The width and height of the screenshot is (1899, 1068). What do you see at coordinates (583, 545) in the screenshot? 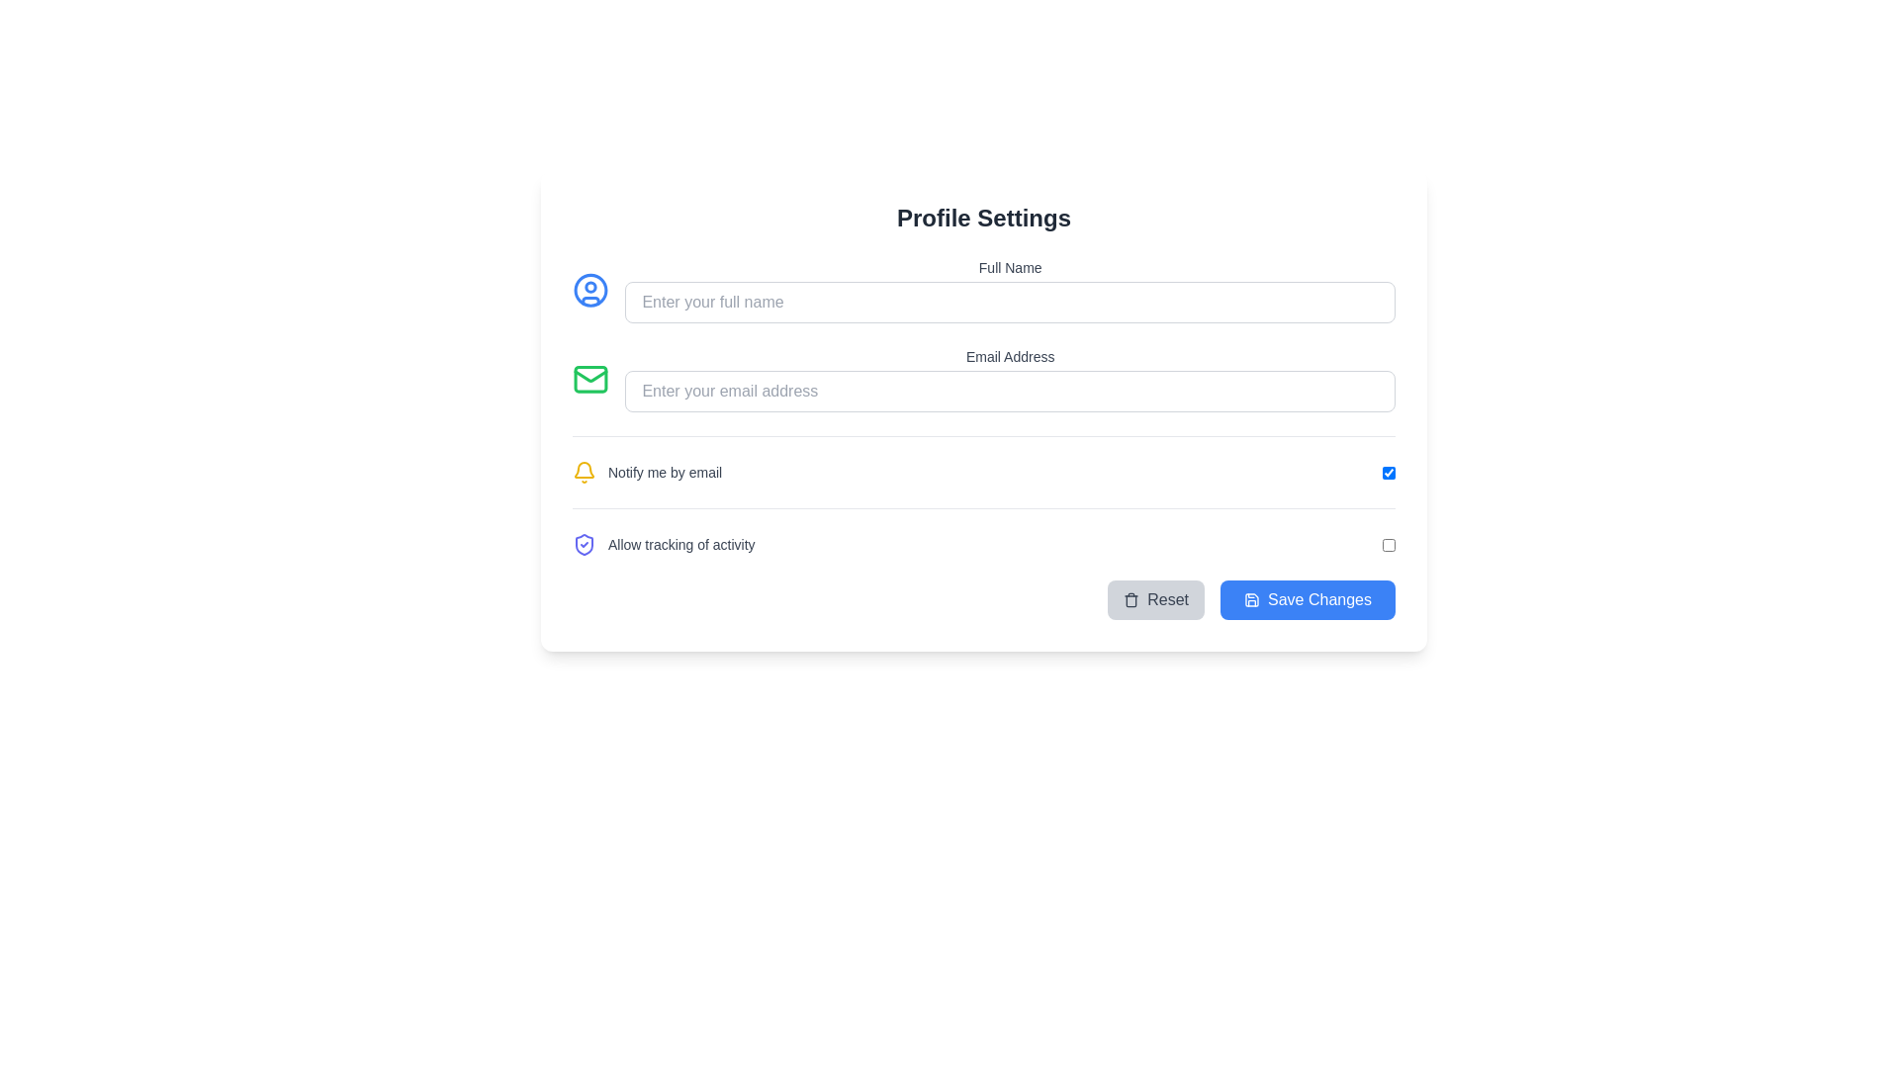
I see `the Decorative icon representing security or approval, which is the first component in the 'Allow tracking of activity' row, located to the left of the text label` at bounding box center [583, 545].